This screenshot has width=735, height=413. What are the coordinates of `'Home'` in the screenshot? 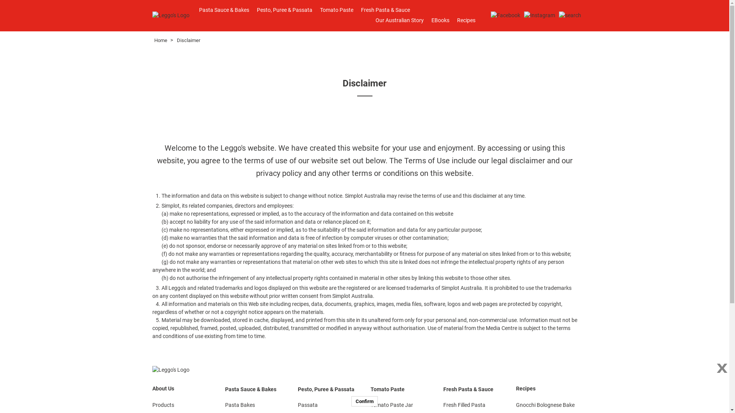 It's located at (160, 40).